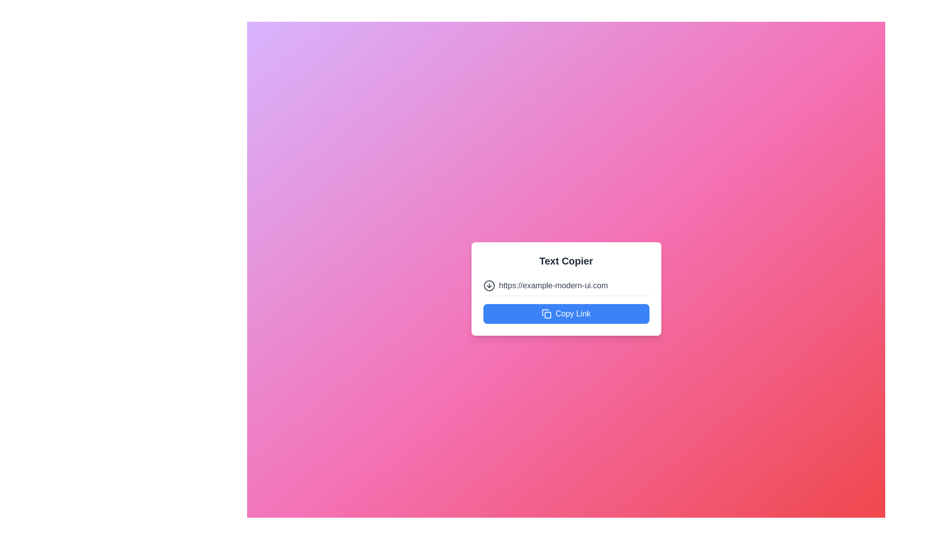  Describe the element at coordinates (489, 285) in the screenshot. I see `the icon situated to the far left of a horizontal arrangement, which indicates downward navigation or downloading, adjacent to a URL text field` at that location.